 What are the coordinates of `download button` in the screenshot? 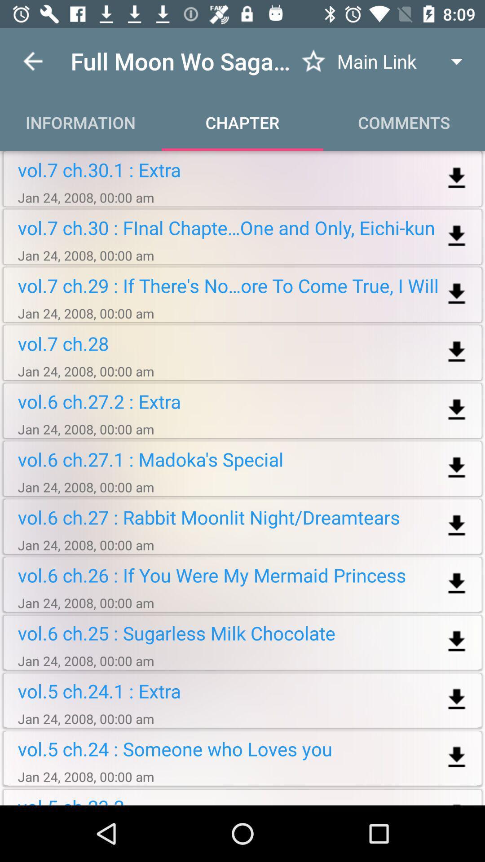 It's located at (457, 352).